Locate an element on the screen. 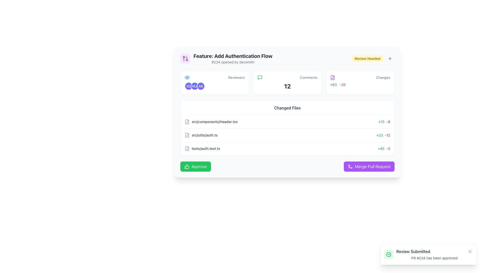 This screenshot has height=273, width=485. the small icon representing a file with a code symbol on it, located in the left portion of the row labeled 'src/utils/auth.ts', preceding the filename text is located at coordinates (187, 135).